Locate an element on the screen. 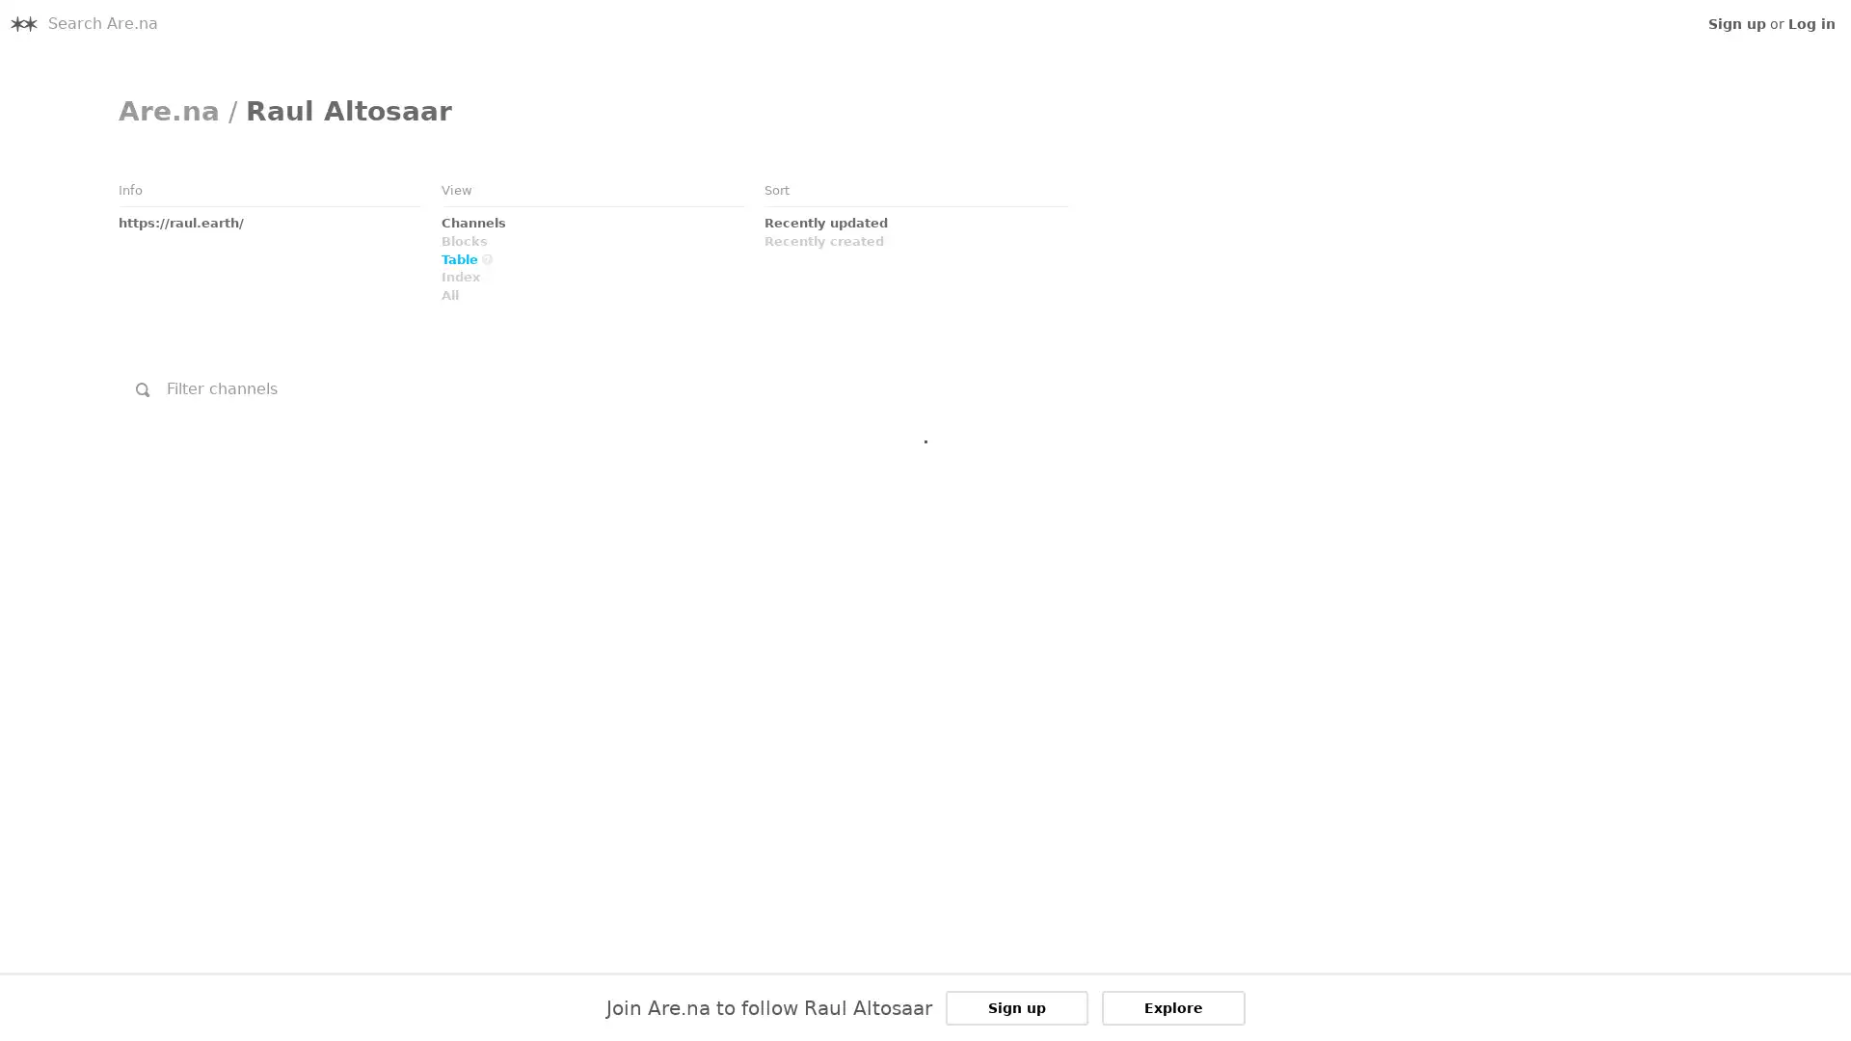 This screenshot has height=1041, width=1851. Link to Embed: I.S.O.: January 29th, 2011 @ Ho Ryu An, Yamaguchi is located at coordinates (914, 574).